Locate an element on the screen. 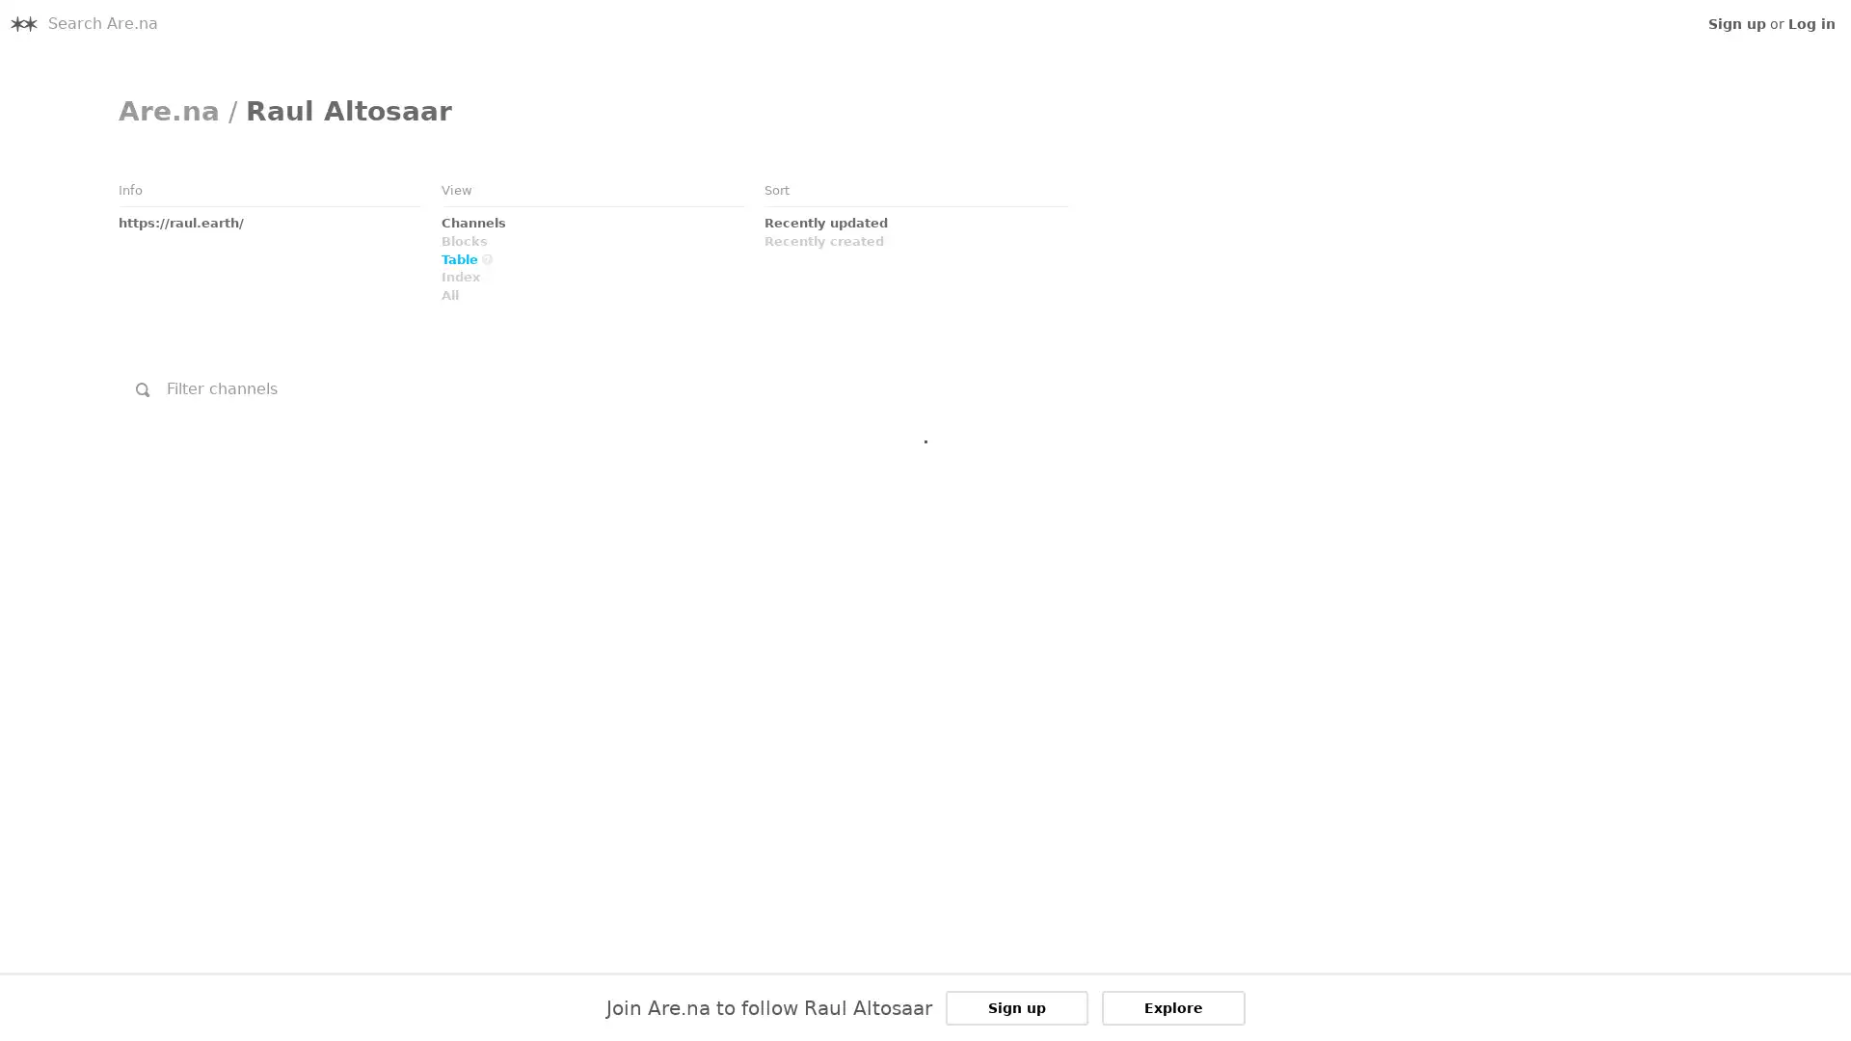 This screenshot has height=1041, width=1851. Link to Embed: I.S.O.: January 29th, 2011 @ Ho Ryu An, Yamaguchi is located at coordinates (914, 574).